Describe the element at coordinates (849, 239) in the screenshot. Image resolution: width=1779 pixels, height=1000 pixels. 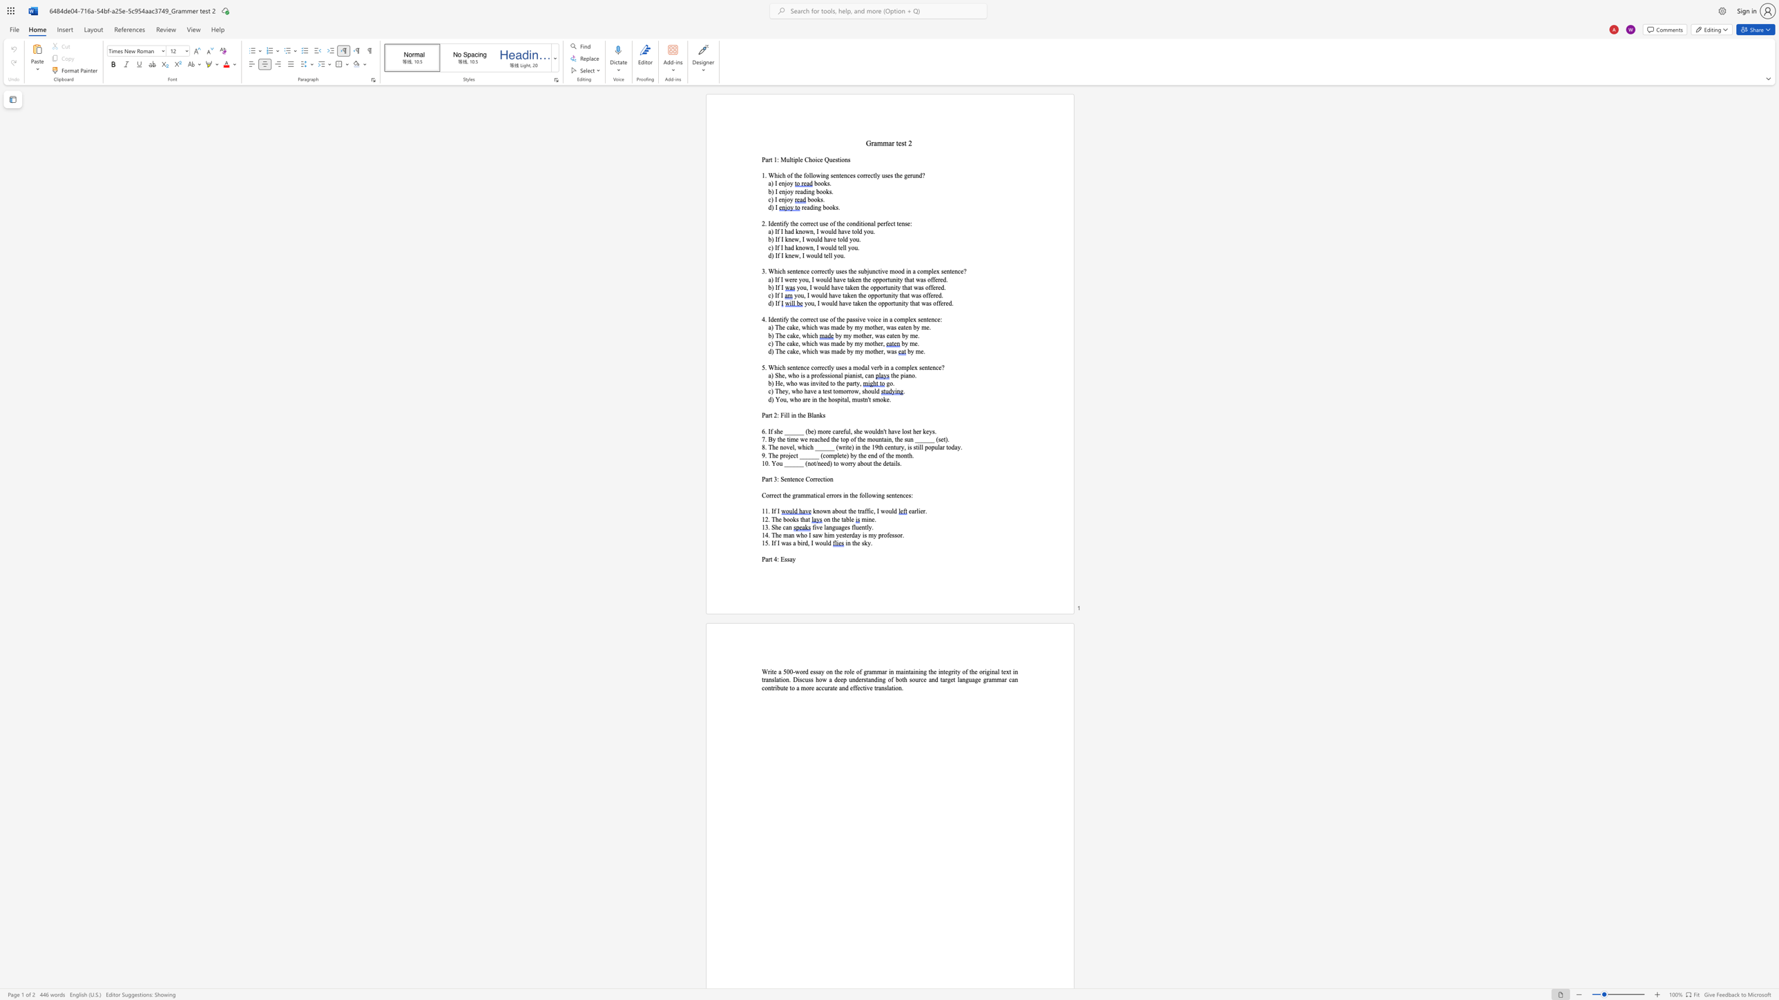
I see `the subset text "you." within the text "b) If I knew, I would have told you."` at that location.